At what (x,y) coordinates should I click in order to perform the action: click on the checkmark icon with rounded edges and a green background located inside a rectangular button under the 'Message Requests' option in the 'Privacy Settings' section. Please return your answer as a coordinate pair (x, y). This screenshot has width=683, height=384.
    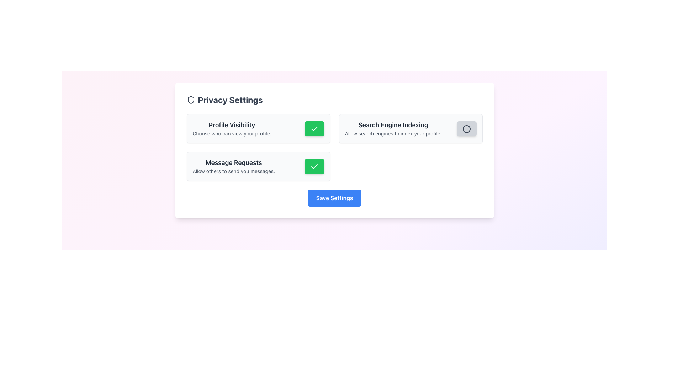
    Looking at the image, I should click on (314, 166).